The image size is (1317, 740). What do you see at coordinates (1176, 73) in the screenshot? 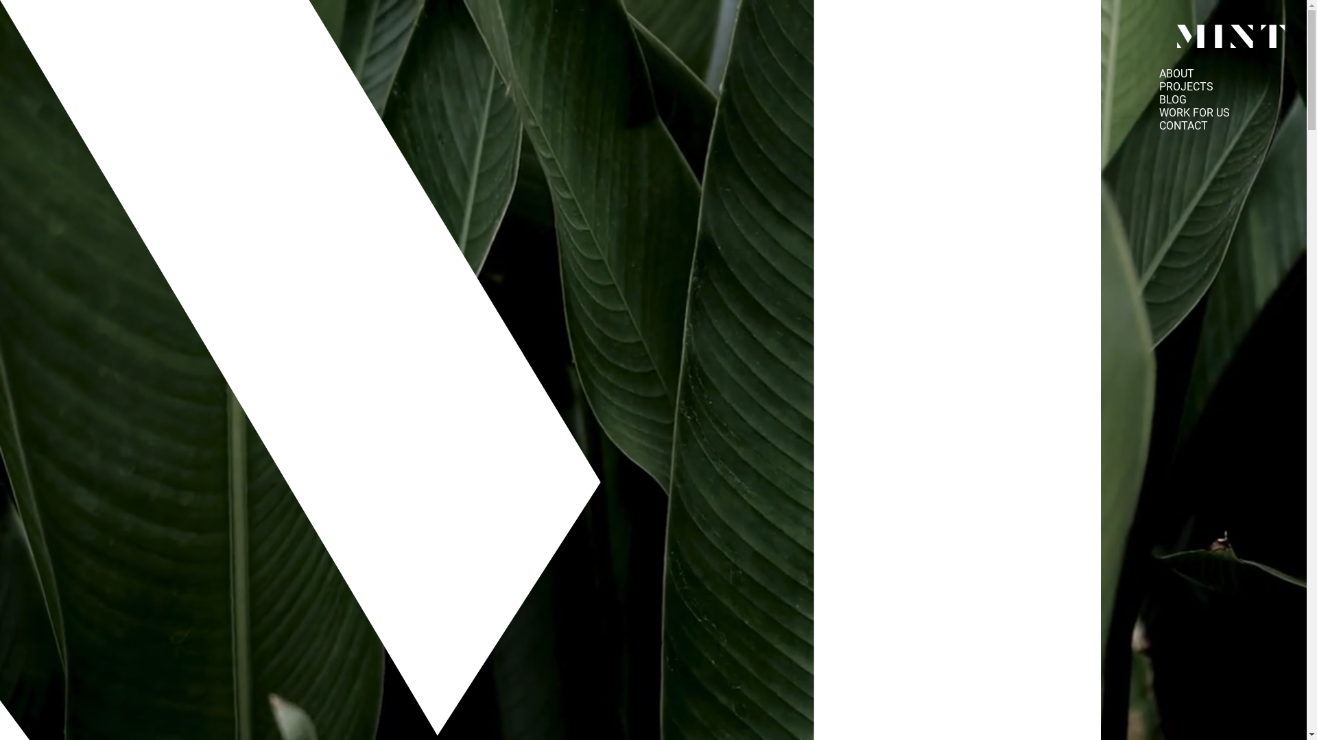
I see `'ABOUT'` at bounding box center [1176, 73].